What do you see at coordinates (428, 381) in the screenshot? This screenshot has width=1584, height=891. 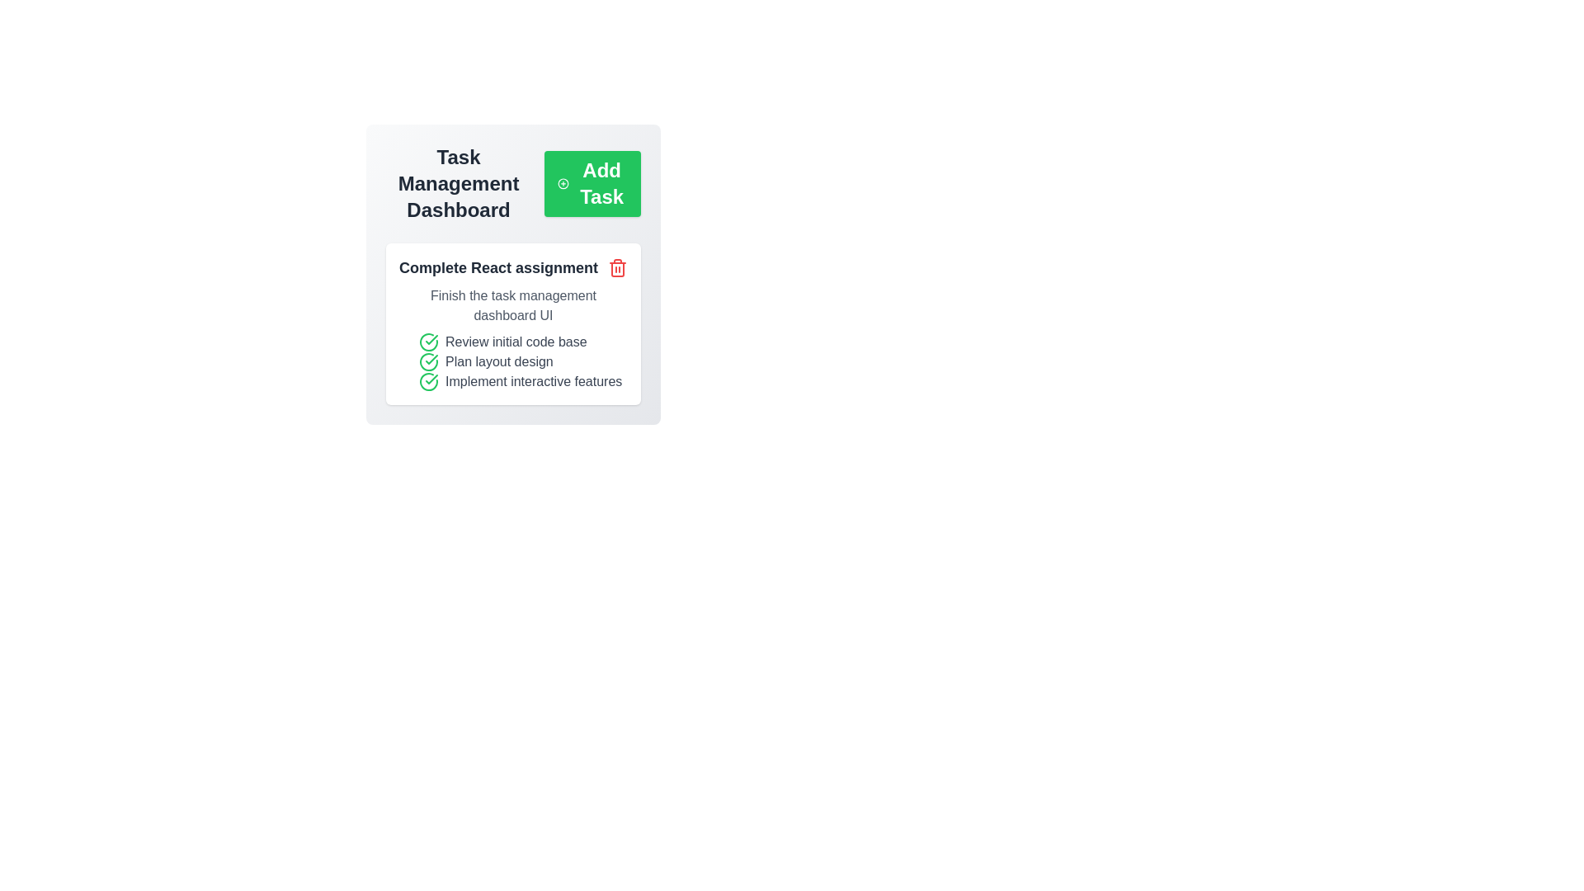 I see `the green checkmark icon located to the left of the 'Plan layout design' task in the 'Complete React assignment' section` at bounding box center [428, 381].